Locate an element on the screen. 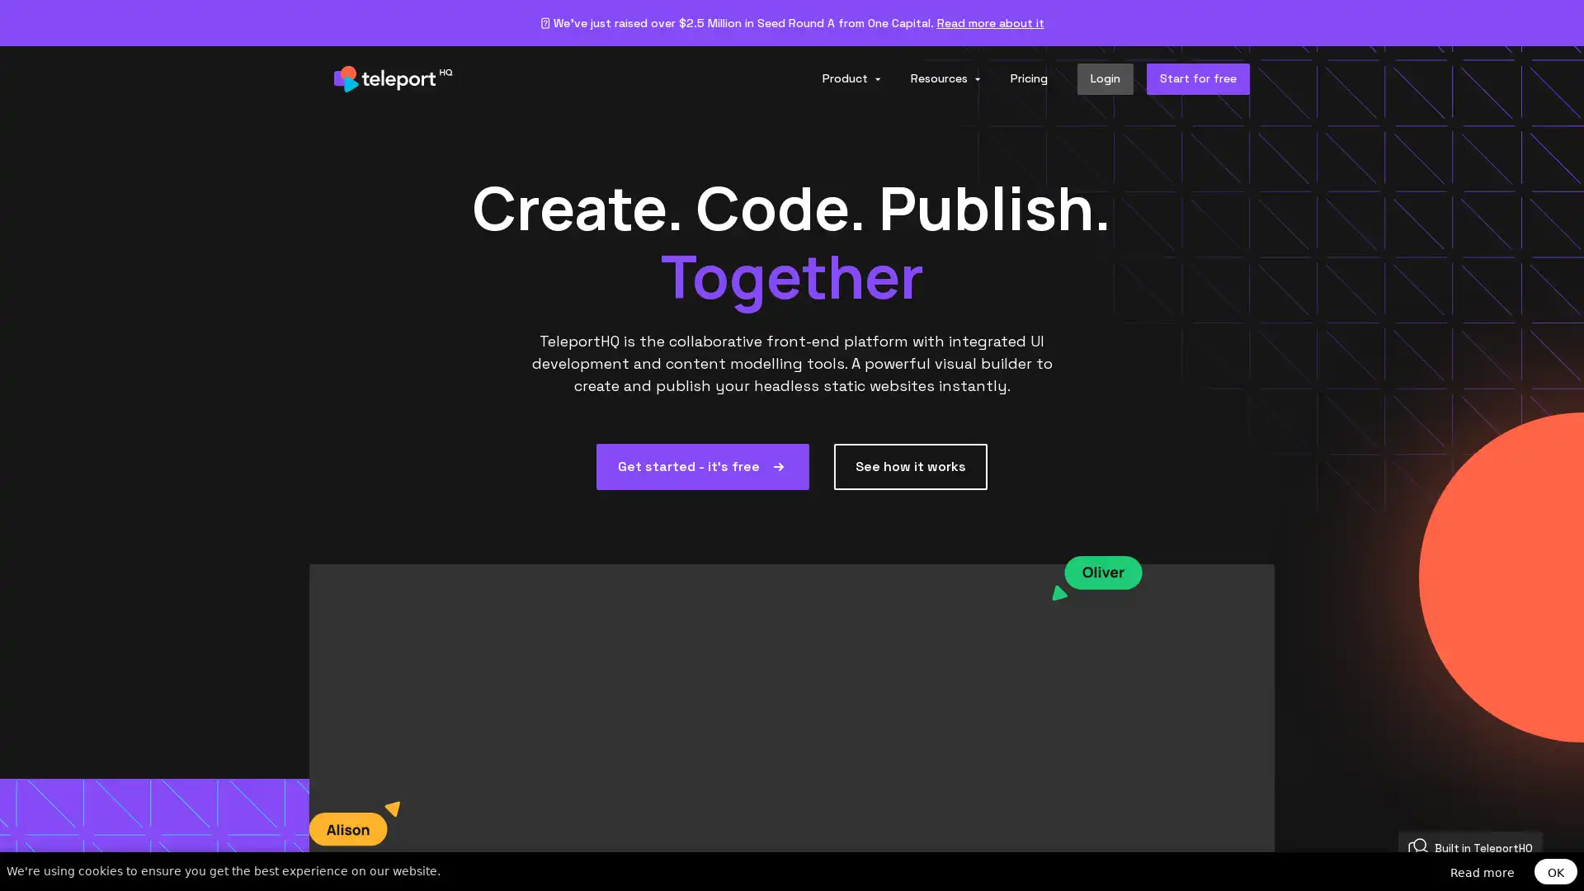  OK is located at coordinates (1555, 870).